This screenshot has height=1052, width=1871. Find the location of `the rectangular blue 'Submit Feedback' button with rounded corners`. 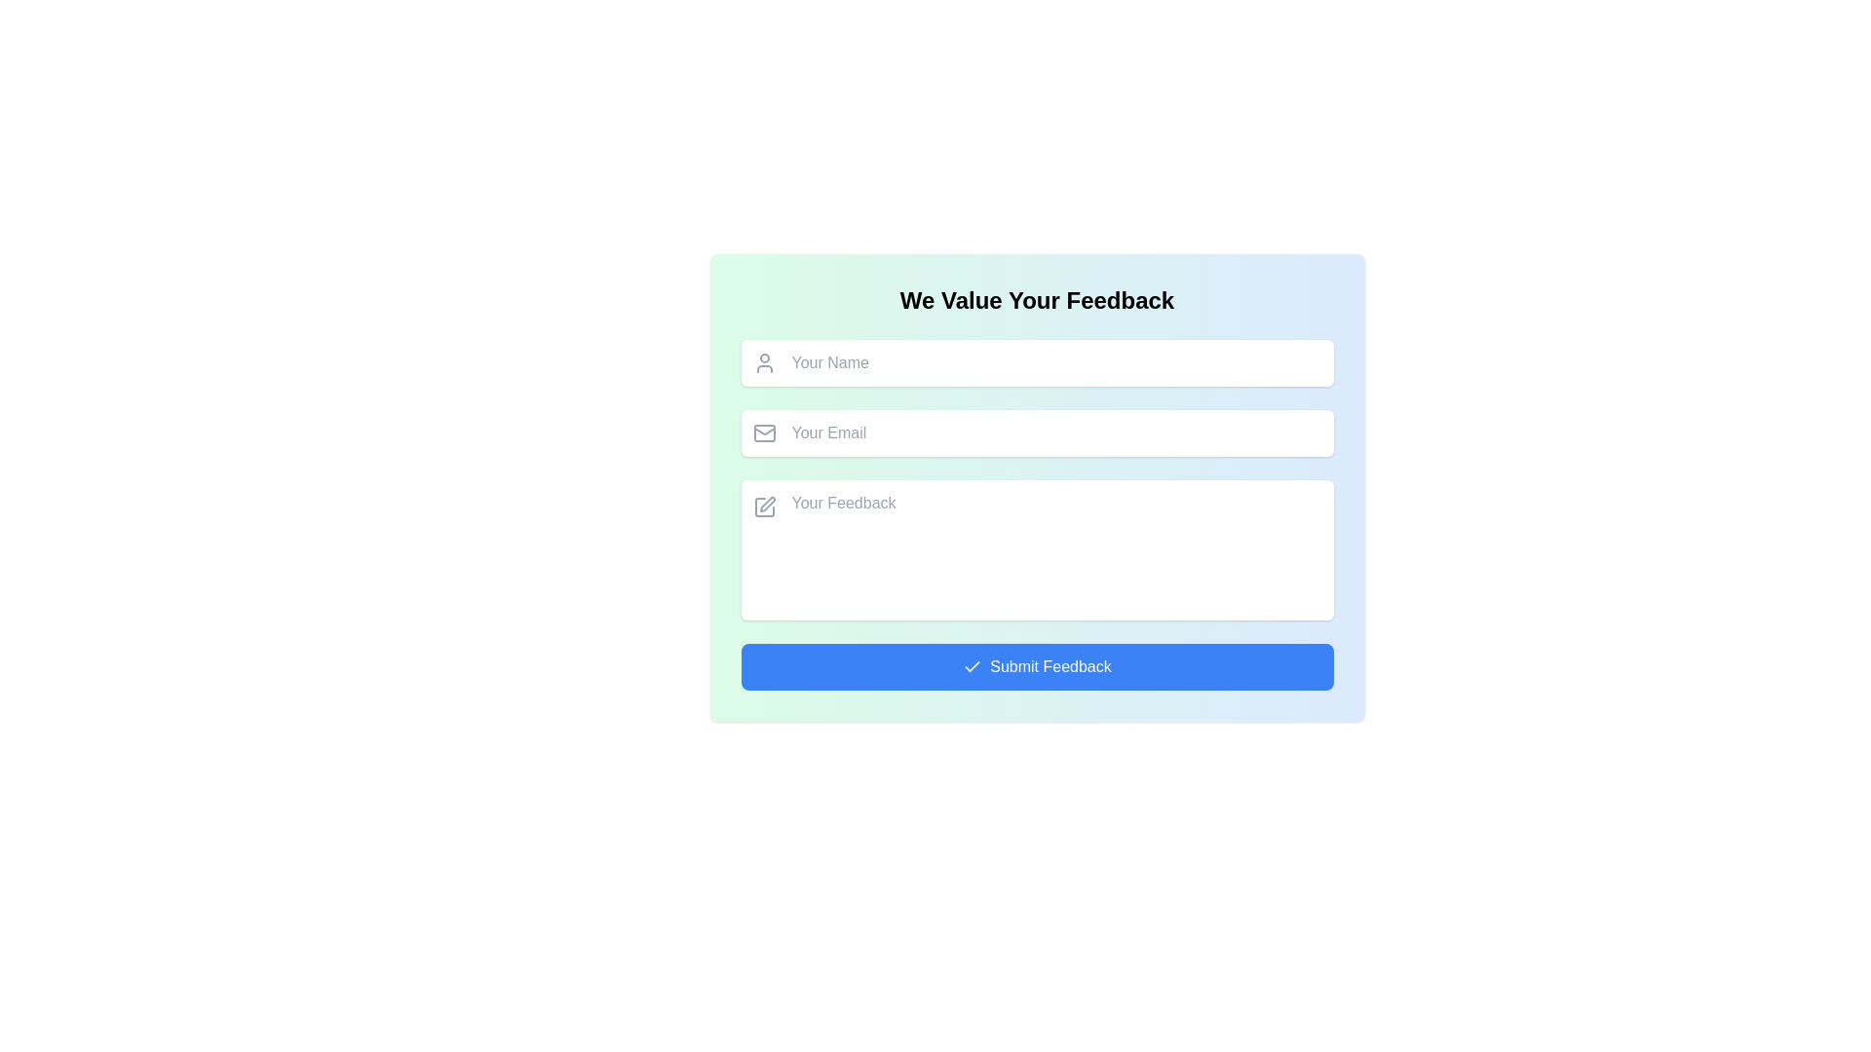

the rectangular blue 'Submit Feedback' button with rounded corners is located at coordinates (1036, 666).